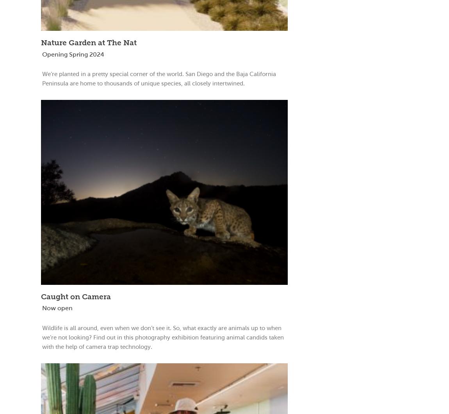 This screenshot has height=414, width=449. Describe the element at coordinates (41, 332) in the screenshot. I see `'what exactly are animals up to when we’re not looking? Find out in this photography exhibition featuring animal'` at that location.